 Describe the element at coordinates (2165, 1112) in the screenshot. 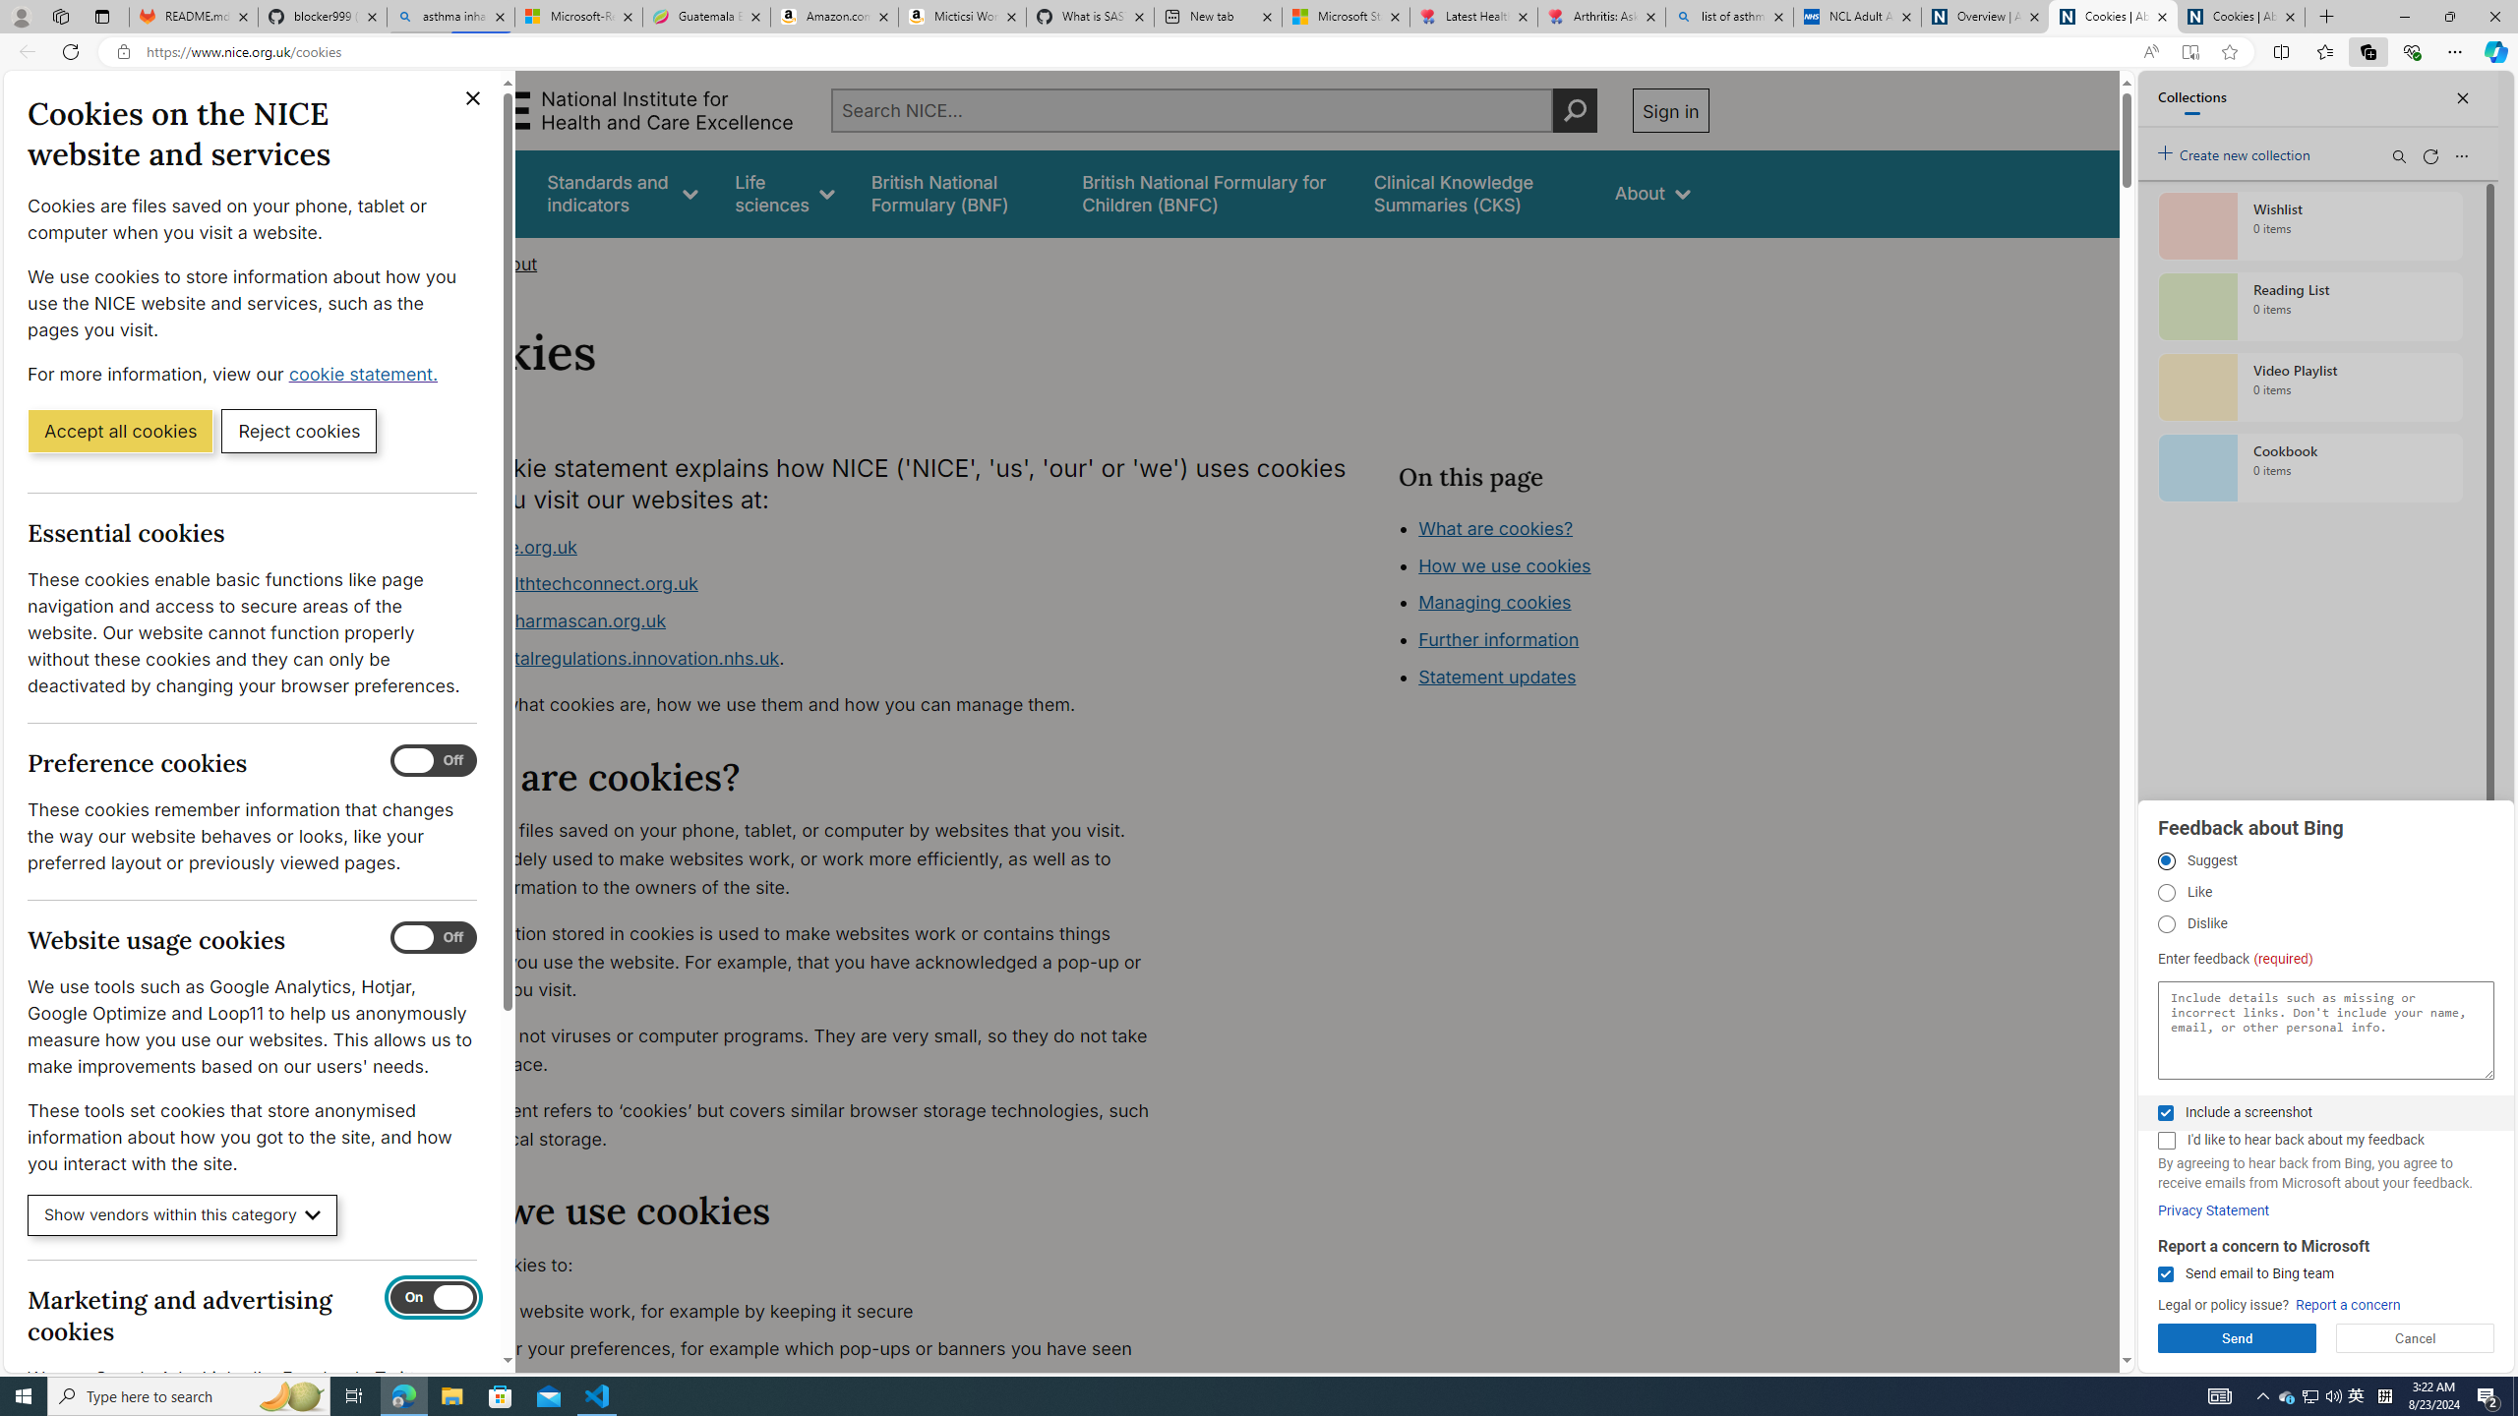

I see `'Include a screenshot'` at that location.